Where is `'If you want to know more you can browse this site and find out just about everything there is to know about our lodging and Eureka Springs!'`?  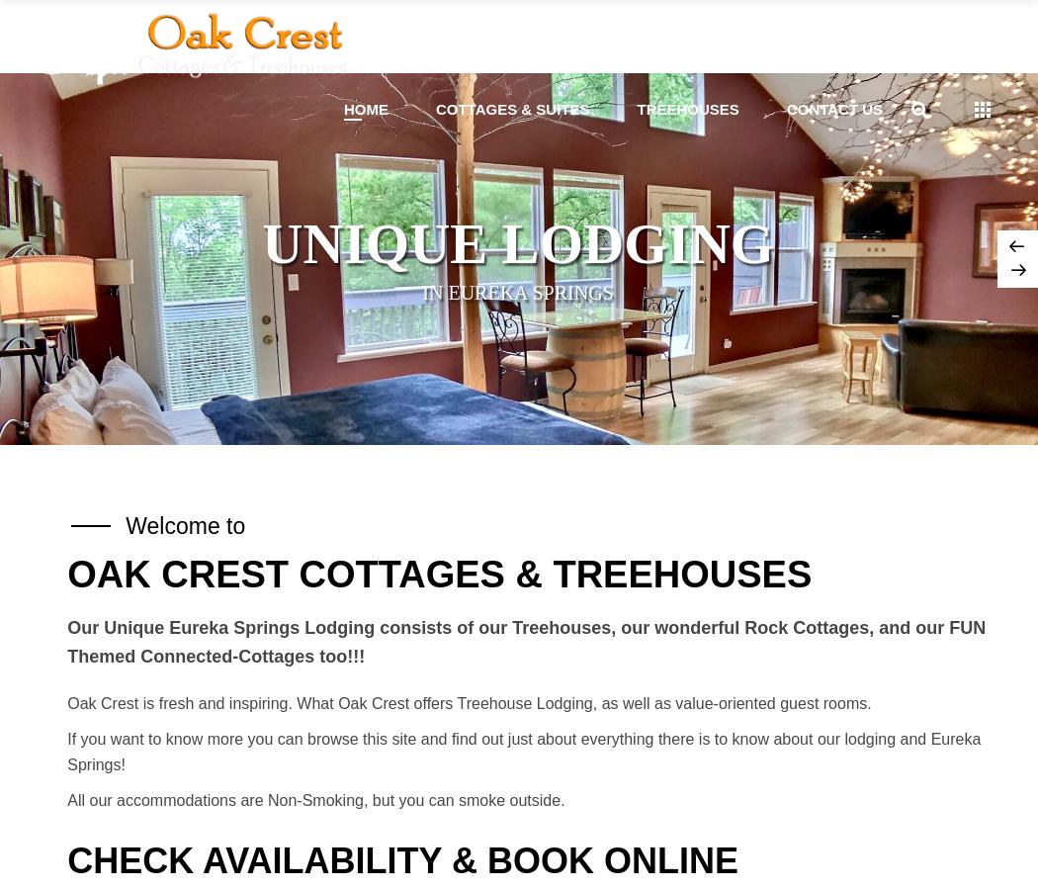 'If you want to know more you can browse this site and find out just about everything there is to know about our lodging and Eureka Springs!' is located at coordinates (66, 751).